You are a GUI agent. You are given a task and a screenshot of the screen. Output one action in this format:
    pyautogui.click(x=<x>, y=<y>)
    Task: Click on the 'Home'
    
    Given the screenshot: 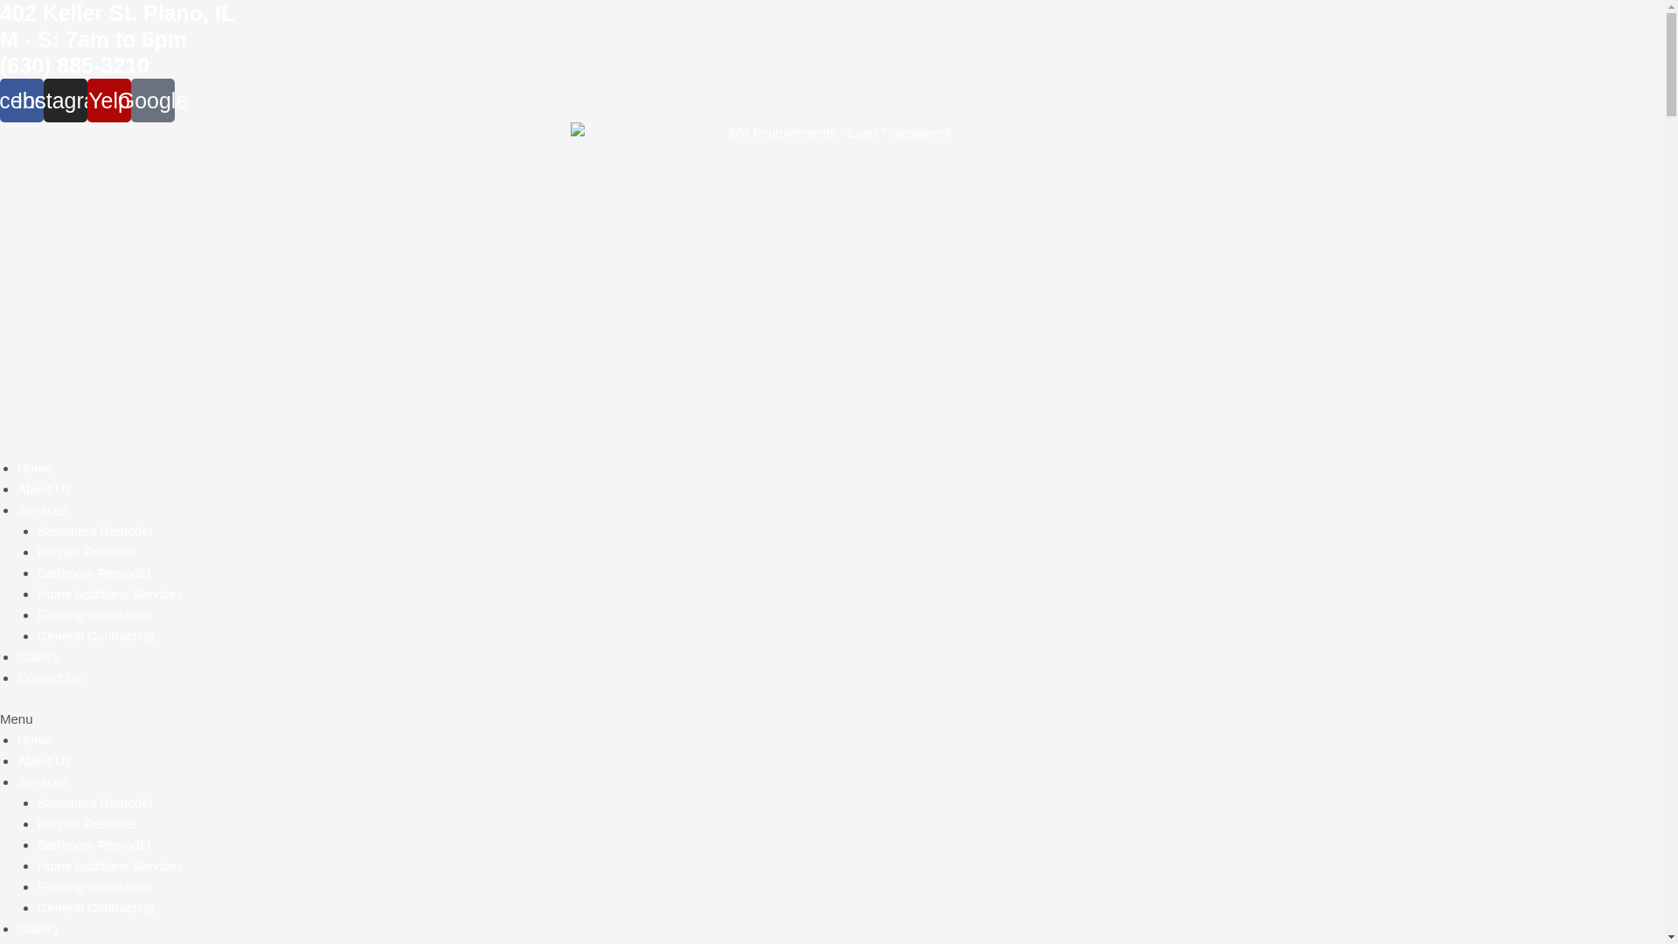 What is the action you would take?
    pyautogui.click(x=34, y=467)
    